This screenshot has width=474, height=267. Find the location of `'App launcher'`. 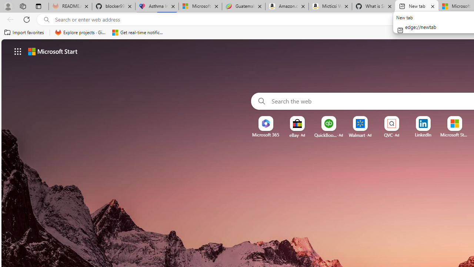

'App launcher' is located at coordinates (18, 51).